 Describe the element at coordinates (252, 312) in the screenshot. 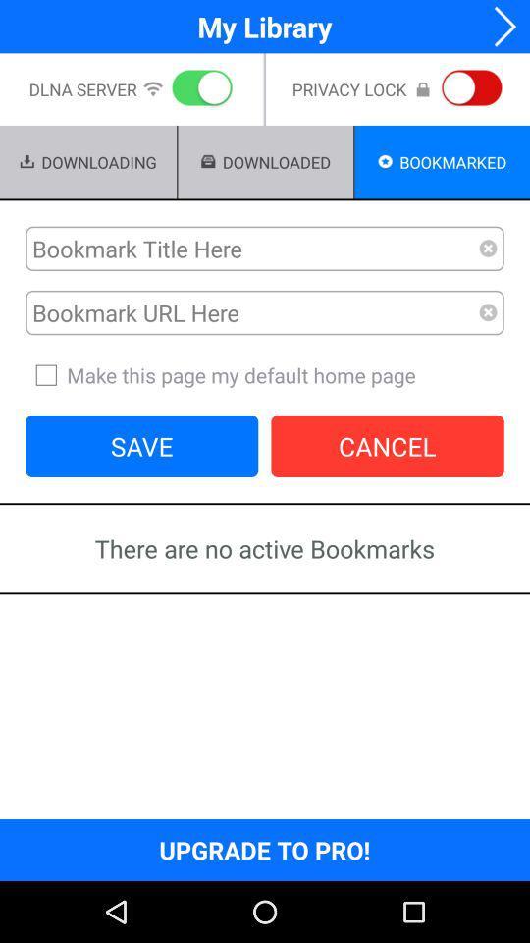

I see `url of the site youd like to bookmark` at that location.